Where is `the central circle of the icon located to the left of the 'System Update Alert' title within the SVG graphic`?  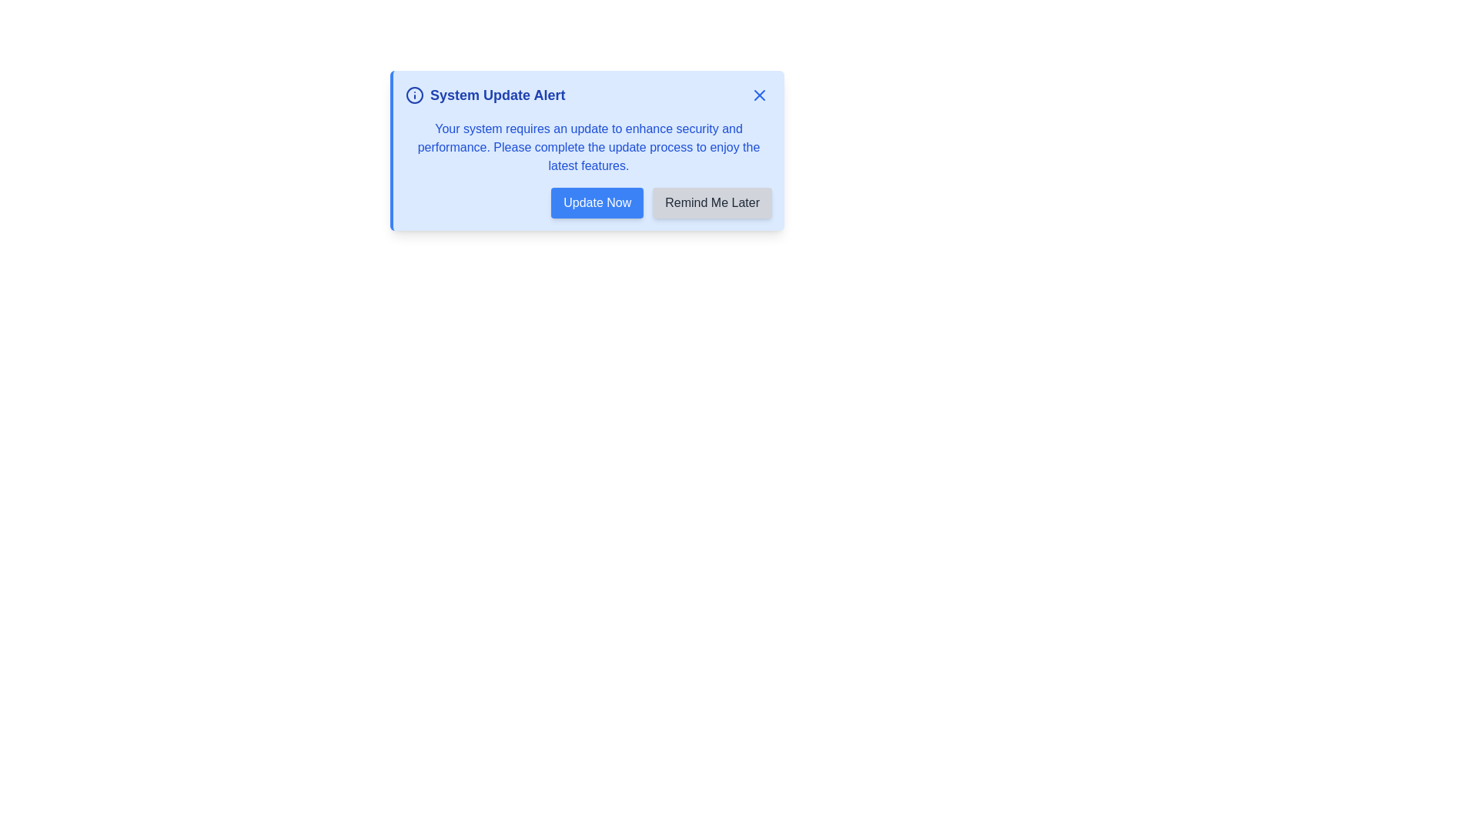 the central circle of the icon located to the left of the 'System Update Alert' title within the SVG graphic is located at coordinates (414, 95).